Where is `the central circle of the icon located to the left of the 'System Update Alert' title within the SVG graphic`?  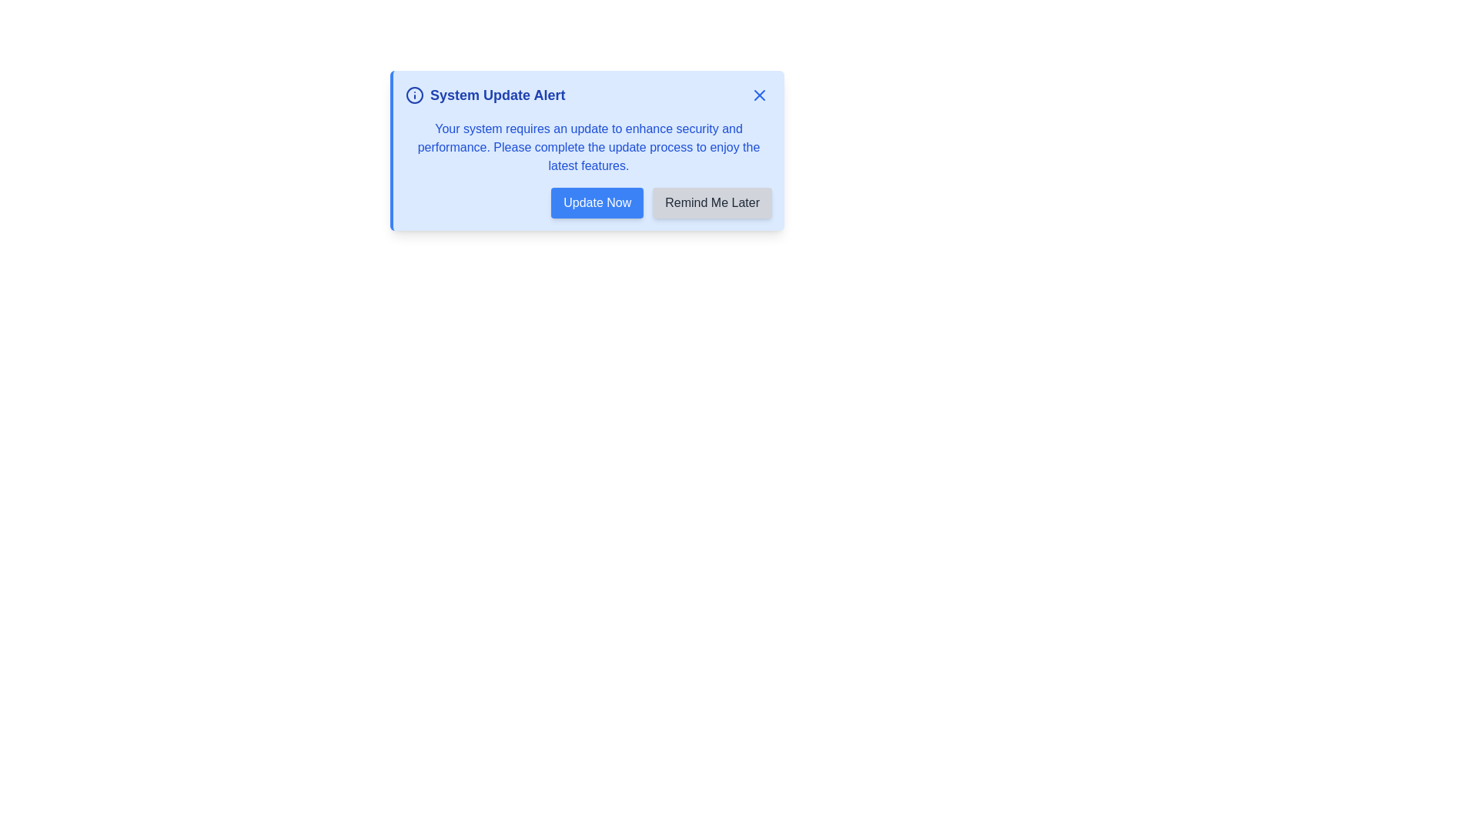 the central circle of the icon located to the left of the 'System Update Alert' title within the SVG graphic is located at coordinates (414, 95).